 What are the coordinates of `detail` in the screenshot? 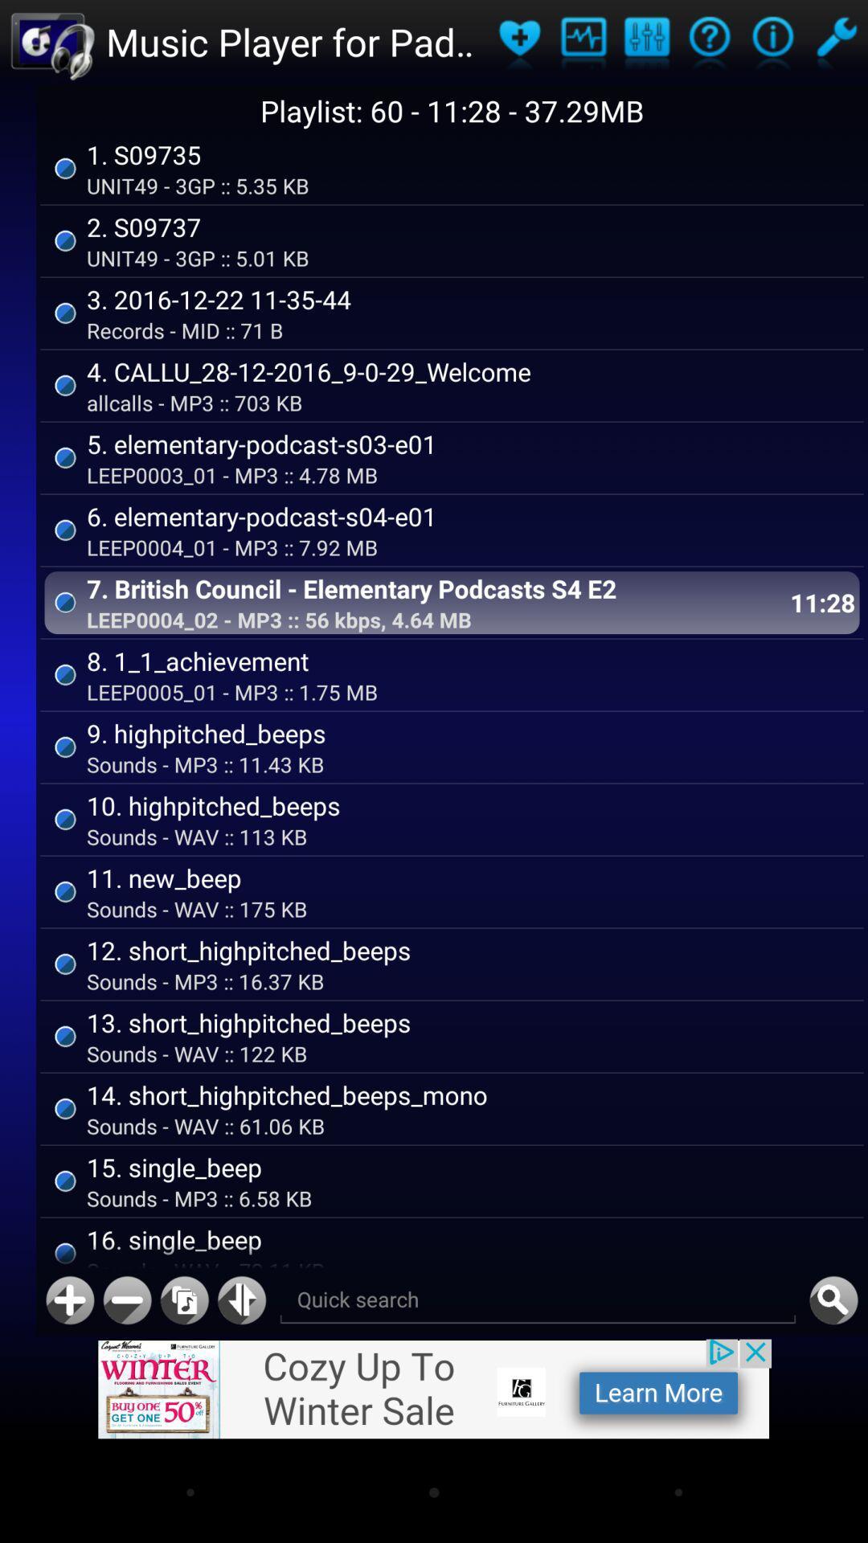 It's located at (772, 42).